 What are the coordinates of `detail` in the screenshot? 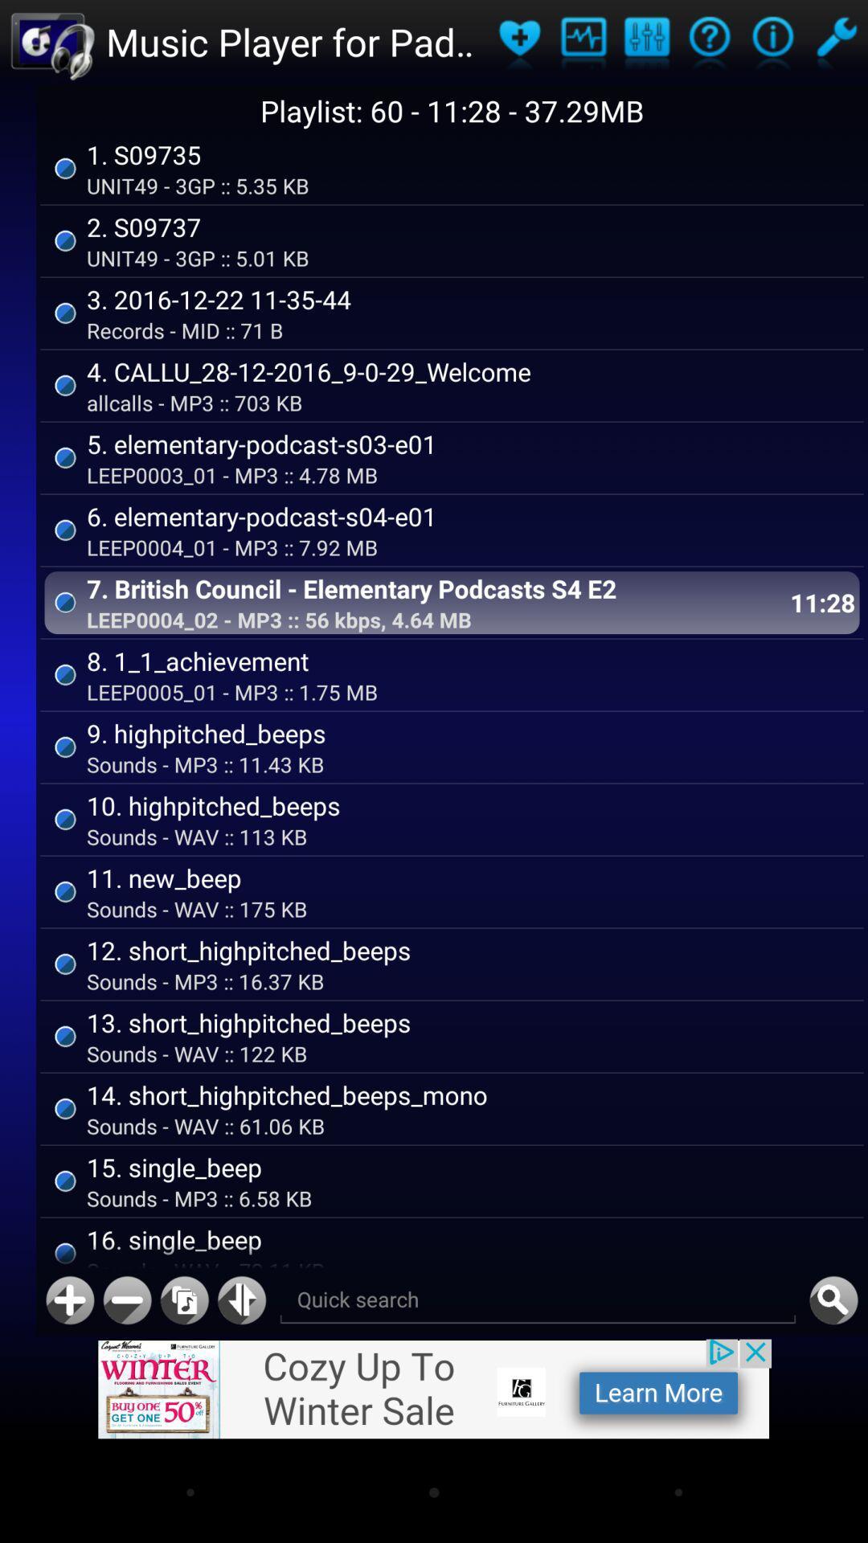 It's located at (772, 42).